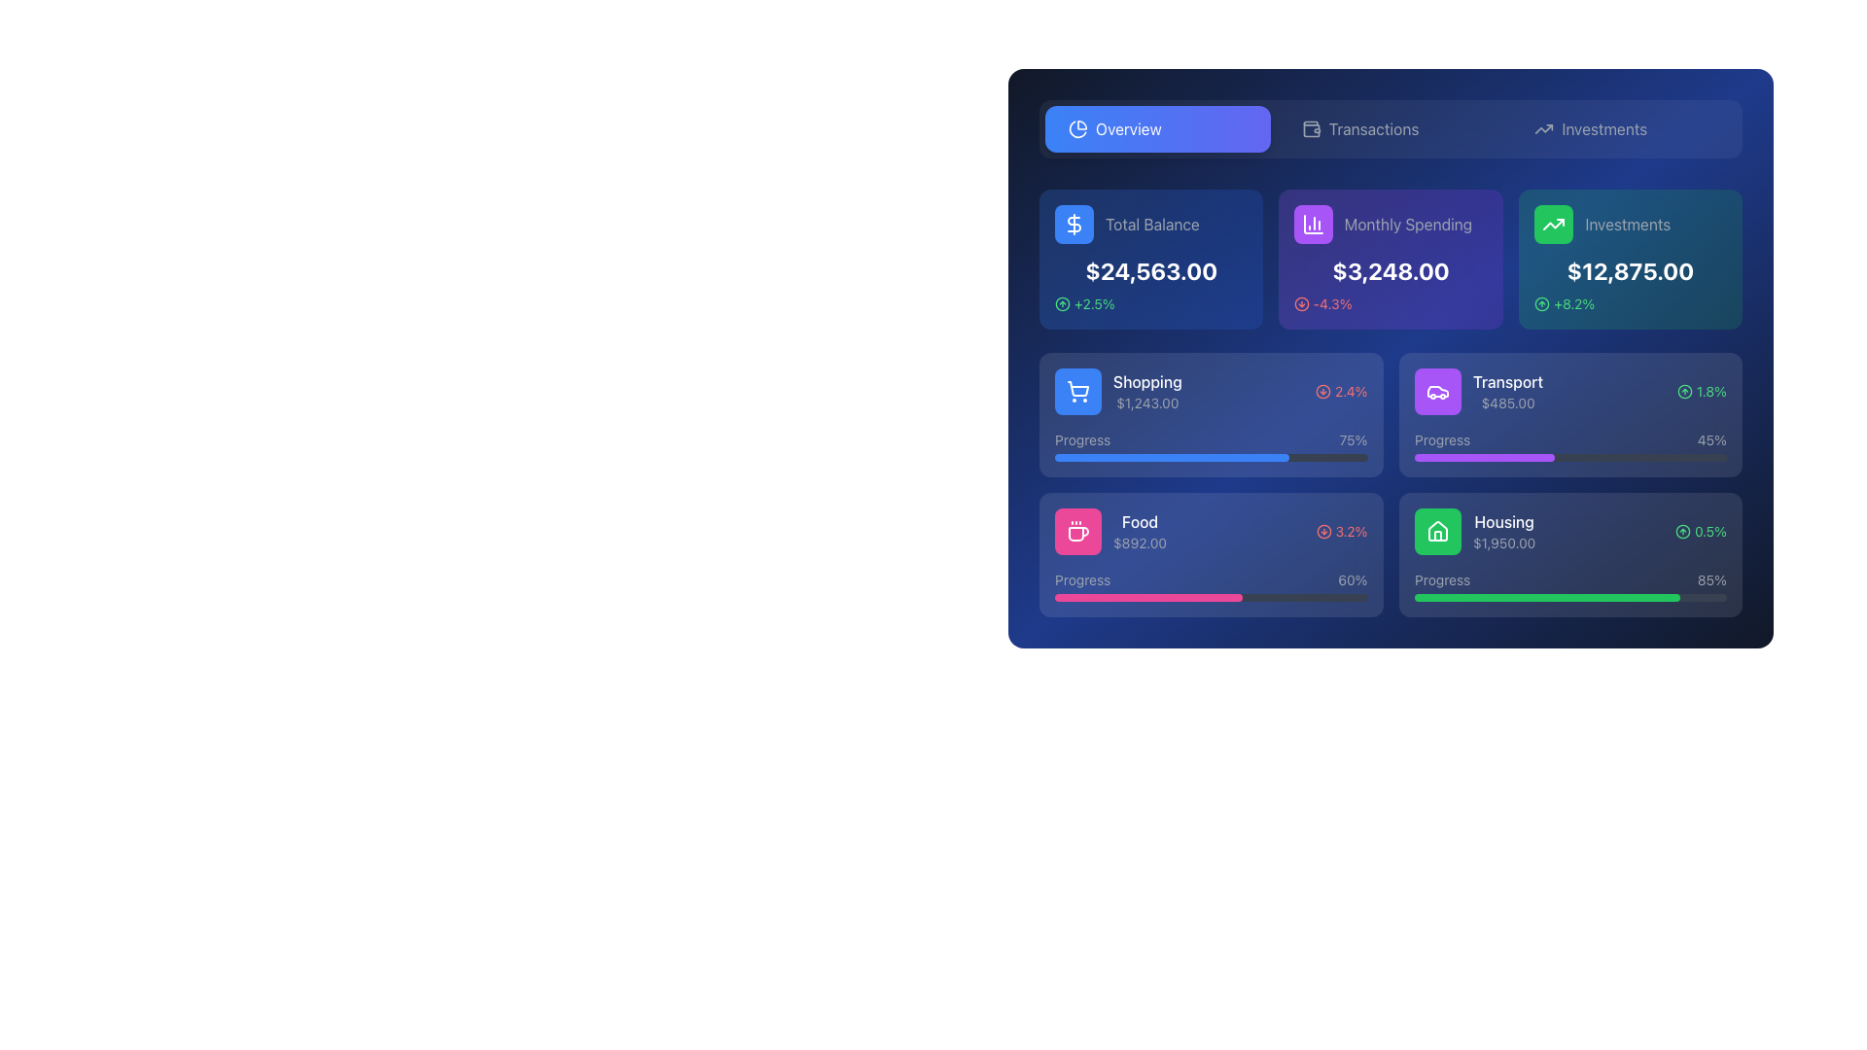 The width and height of the screenshot is (1867, 1050). Describe the element at coordinates (1076, 391) in the screenshot. I see `the blue square button with rounded corners featuring a white shopping cart icon, located in the 'Shopping' section of the dashboard interface` at that location.